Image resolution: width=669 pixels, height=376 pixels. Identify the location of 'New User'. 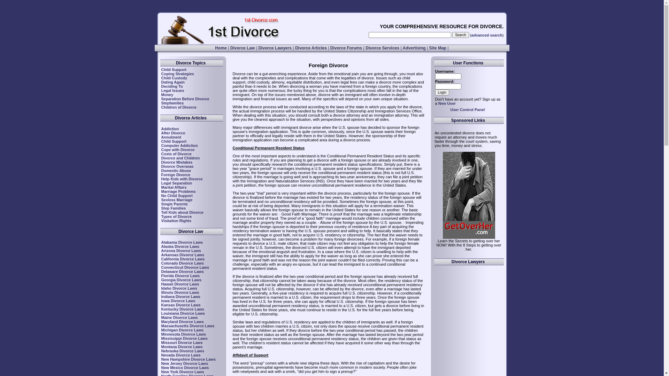
(447, 103).